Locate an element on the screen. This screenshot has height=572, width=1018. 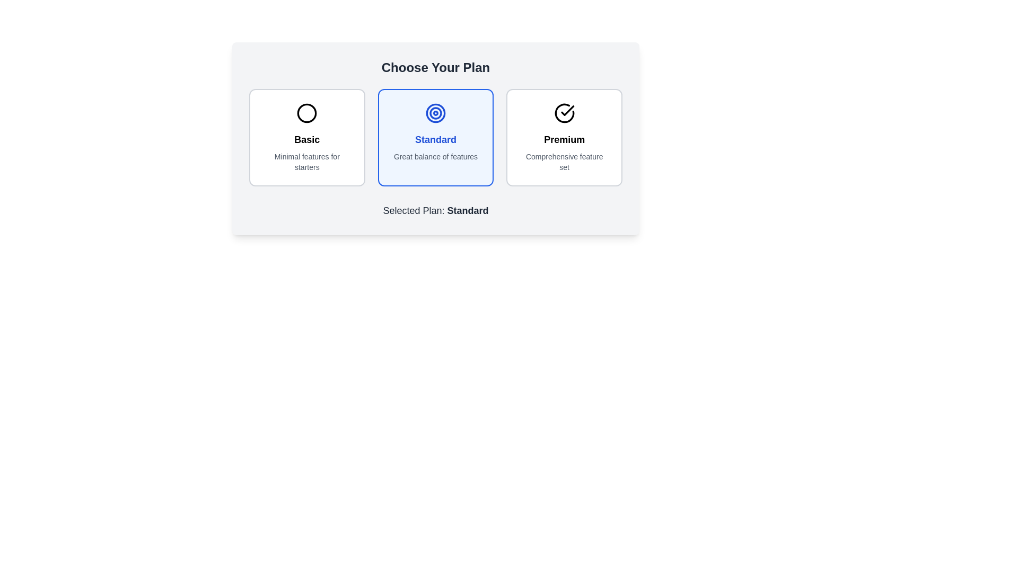
the text element that says 'Great balance of features', which is positioned below the title 'Standard' in the middle card of three horizontally arranged cards is located at coordinates (435, 157).